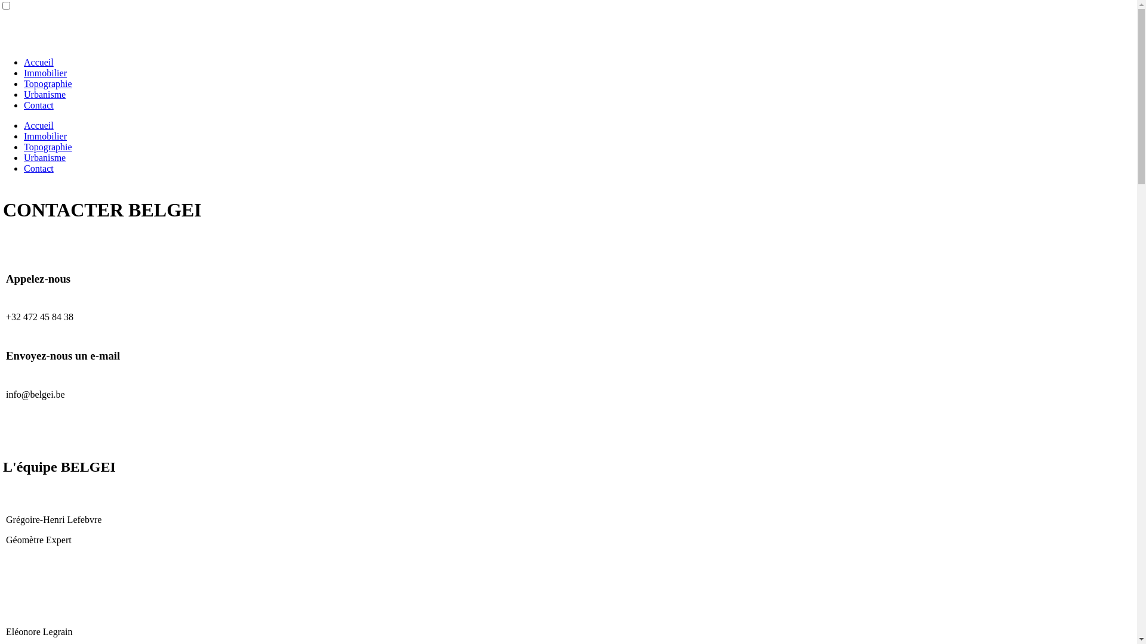 The height and width of the screenshot is (644, 1146). Describe the element at coordinates (39, 125) in the screenshot. I see `'Accueil'` at that location.